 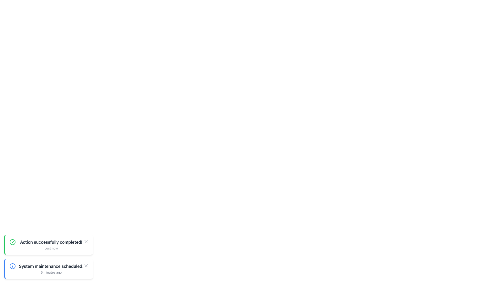 What do you see at coordinates (13, 266) in the screenshot?
I see `the circular blue outlined icon with an exclamation mark, located to the left of the text 'System maintenance scheduled.' in the notification card` at bounding box center [13, 266].